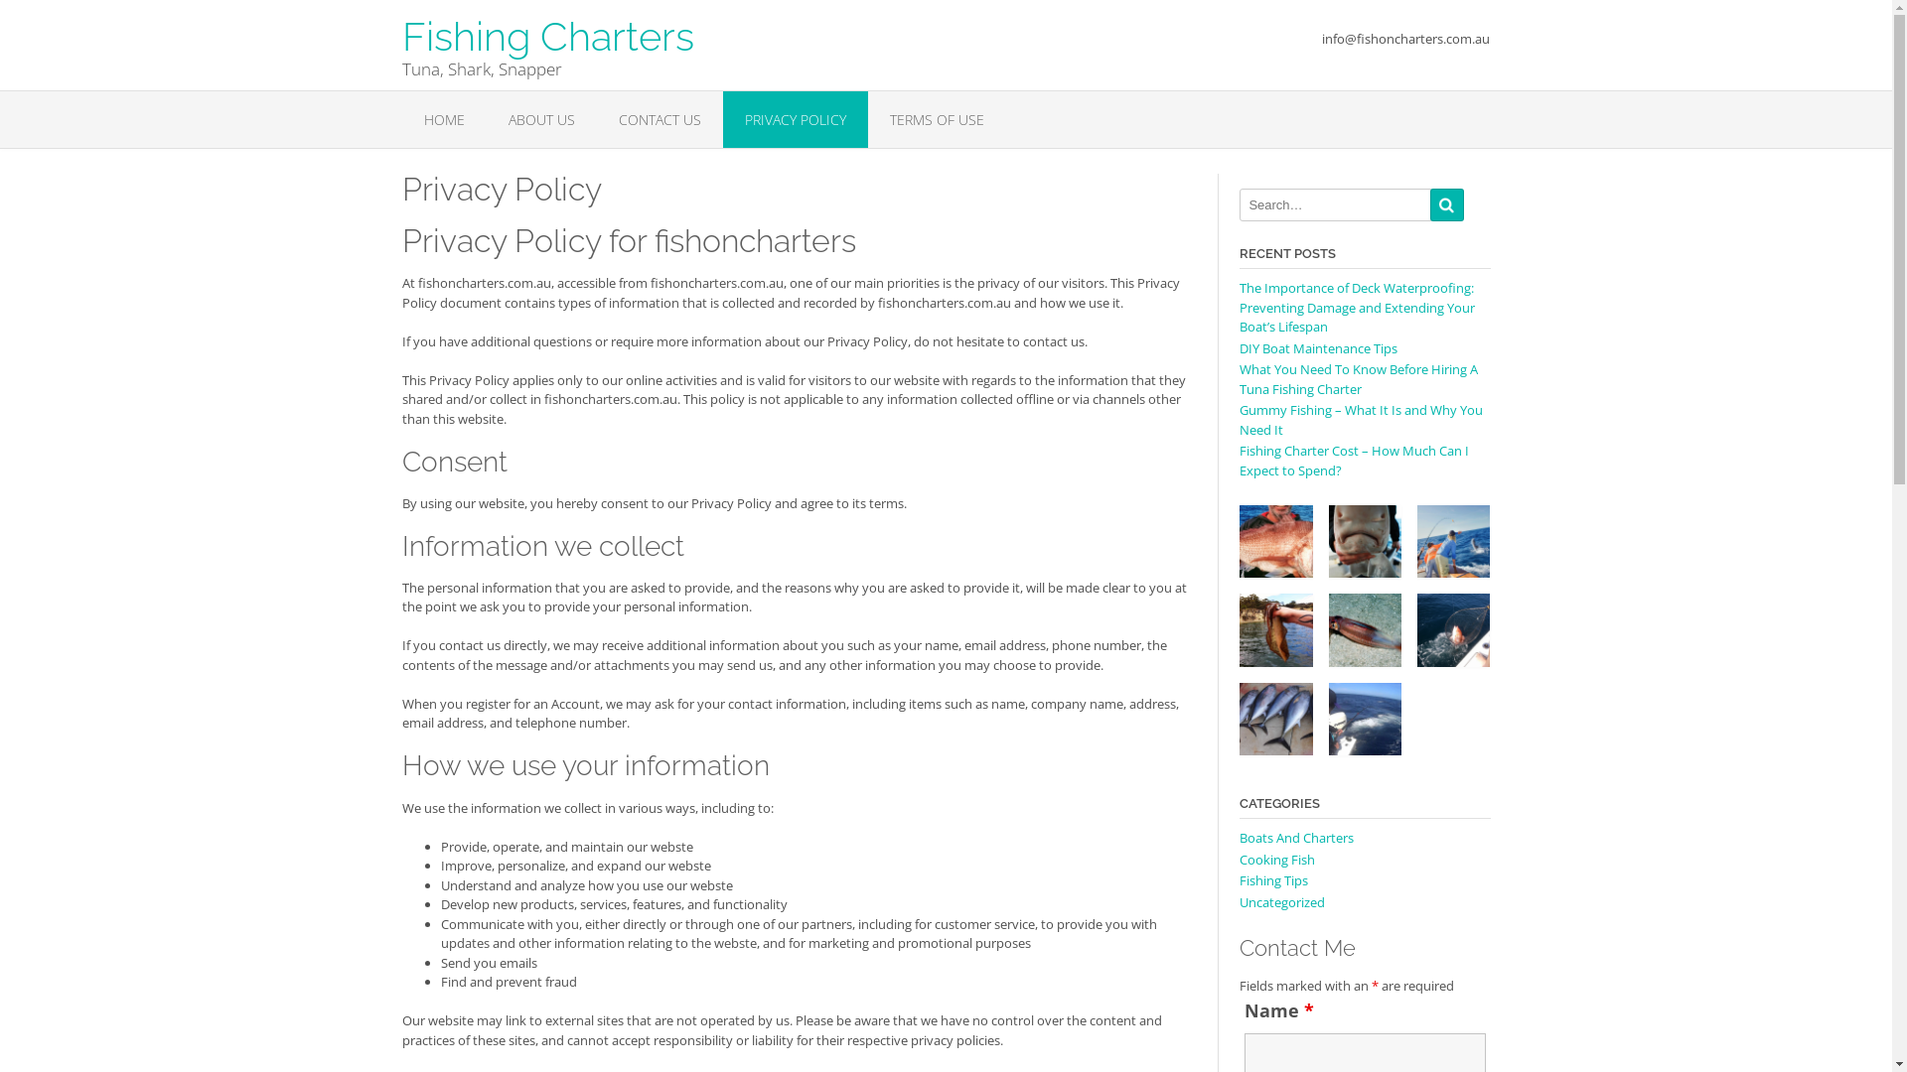 This screenshot has height=1072, width=1907. I want to click on 'Fishing Tips', so click(1273, 879).